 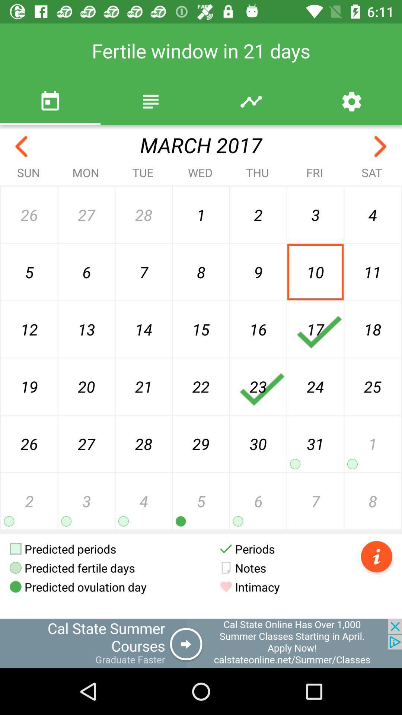 What do you see at coordinates (21, 146) in the screenshot?
I see `go back` at bounding box center [21, 146].